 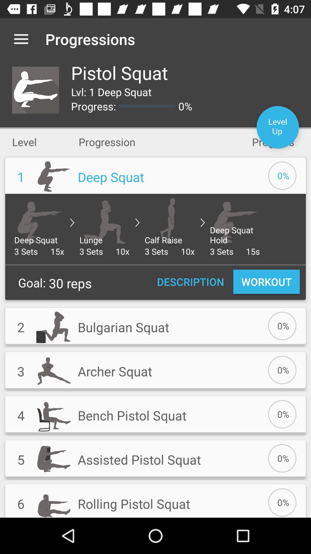 What do you see at coordinates (266, 282) in the screenshot?
I see `the item next to description item` at bounding box center [266, 282].